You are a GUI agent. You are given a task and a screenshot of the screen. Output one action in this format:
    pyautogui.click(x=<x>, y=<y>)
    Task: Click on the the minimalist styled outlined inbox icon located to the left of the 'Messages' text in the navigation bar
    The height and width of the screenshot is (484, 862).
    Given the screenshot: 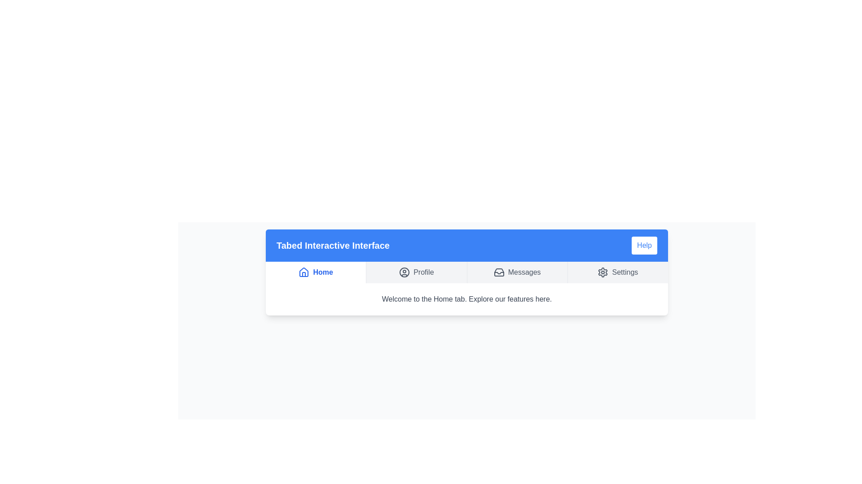 What is the action you would take?
    pyautogui.click(x=498, y=272)
    